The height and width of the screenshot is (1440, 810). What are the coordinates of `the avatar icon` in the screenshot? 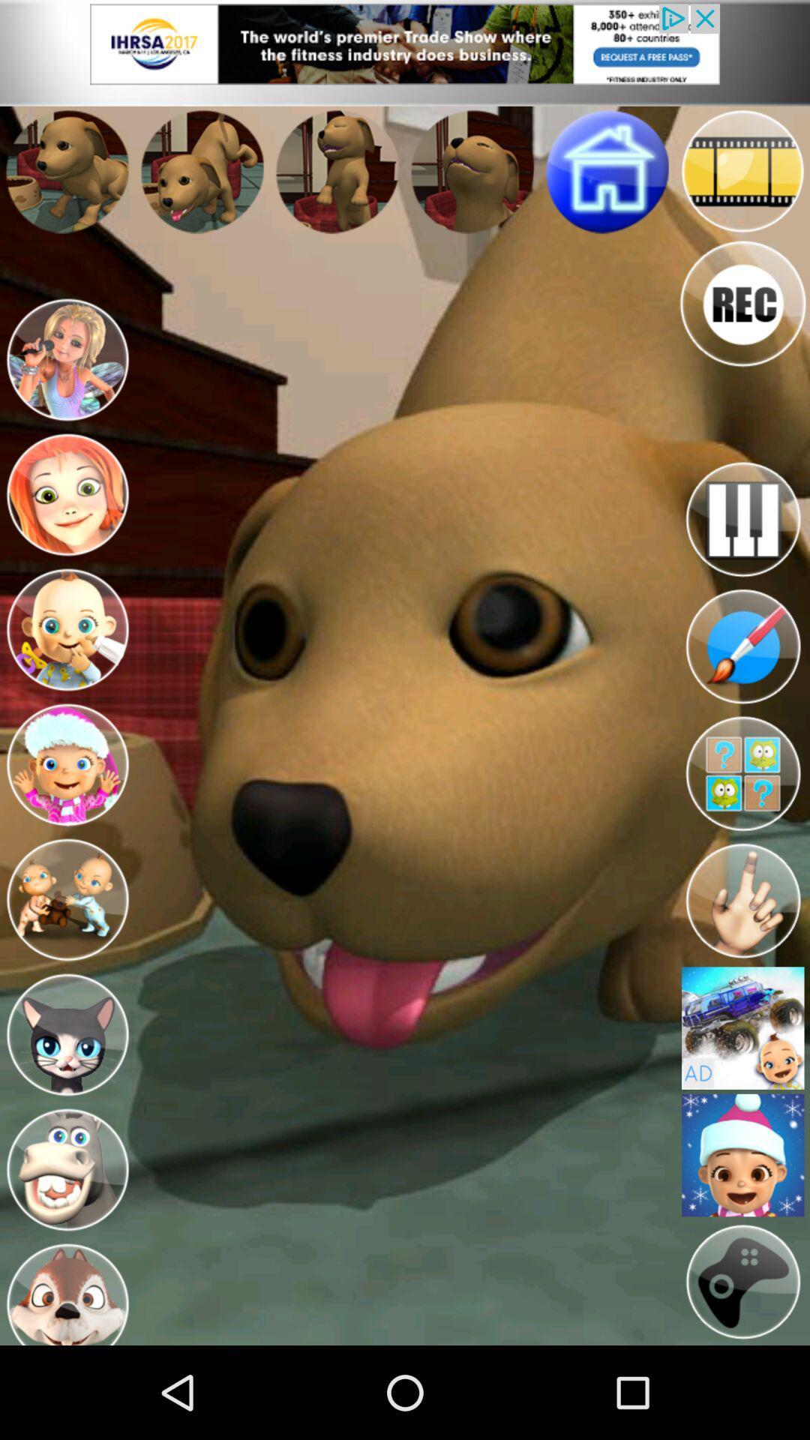 It's located at (66, 963).